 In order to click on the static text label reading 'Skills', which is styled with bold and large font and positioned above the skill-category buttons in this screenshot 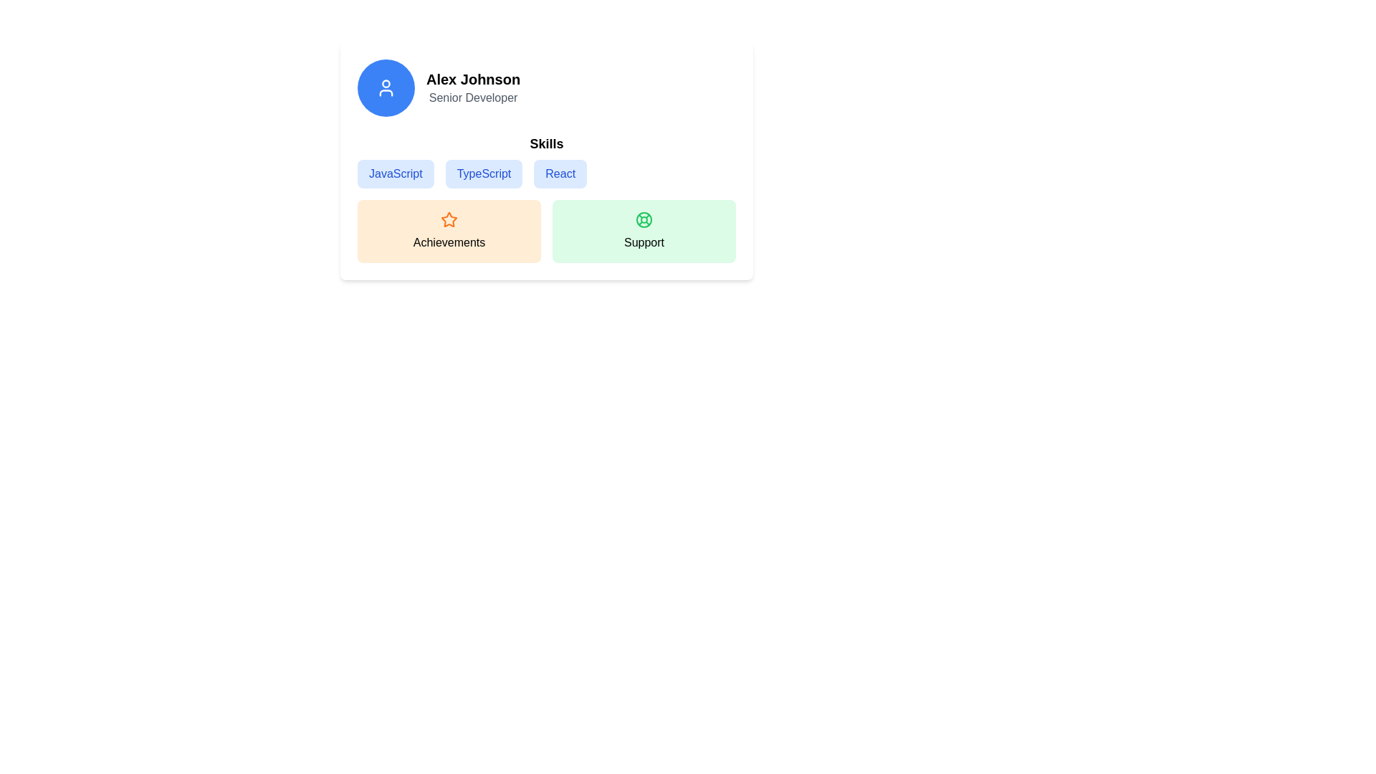, I will do `click(546, 143)`.